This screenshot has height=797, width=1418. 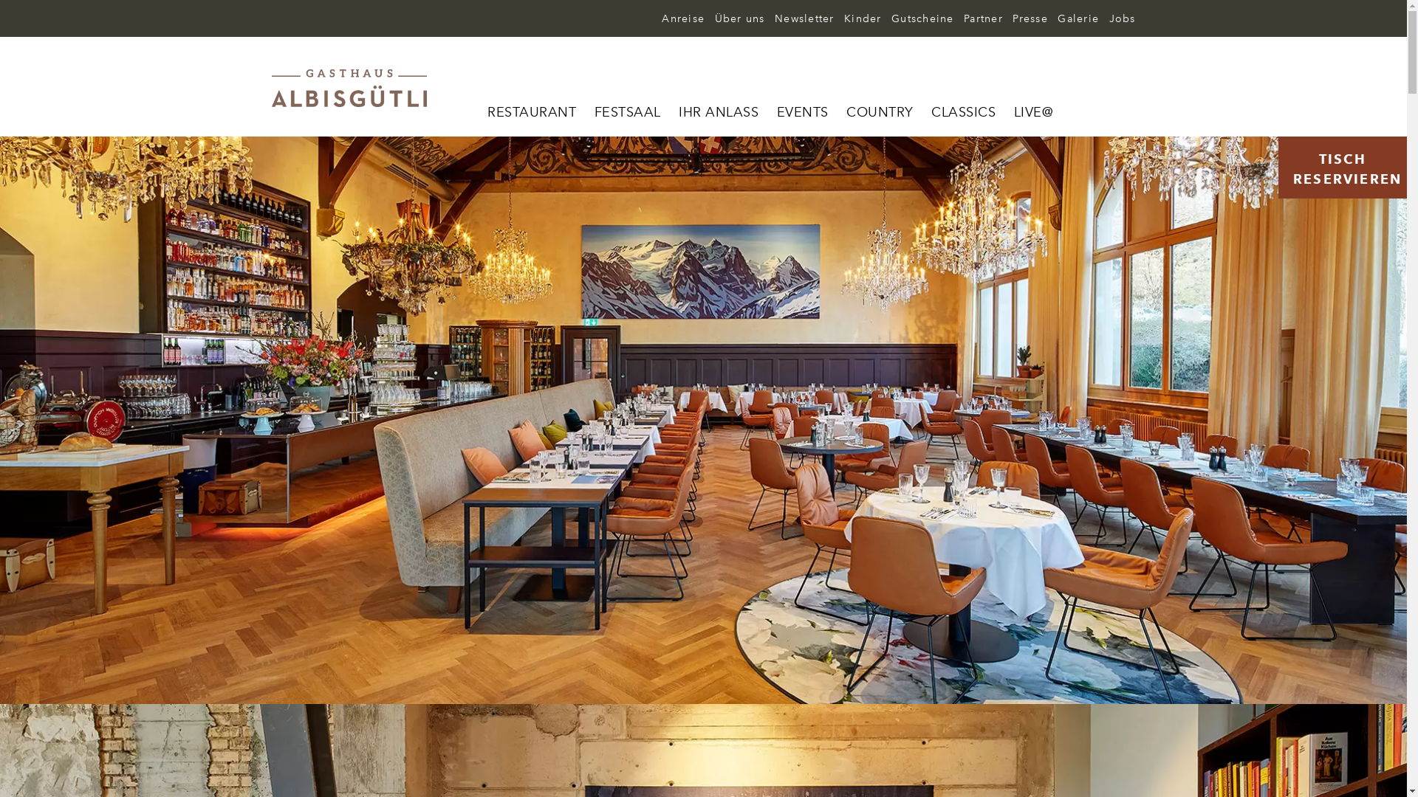 What do you see at coordinates (880, 113) in the screenshot?
I see `'COUNTRY'` at bounding box center [880, 113].